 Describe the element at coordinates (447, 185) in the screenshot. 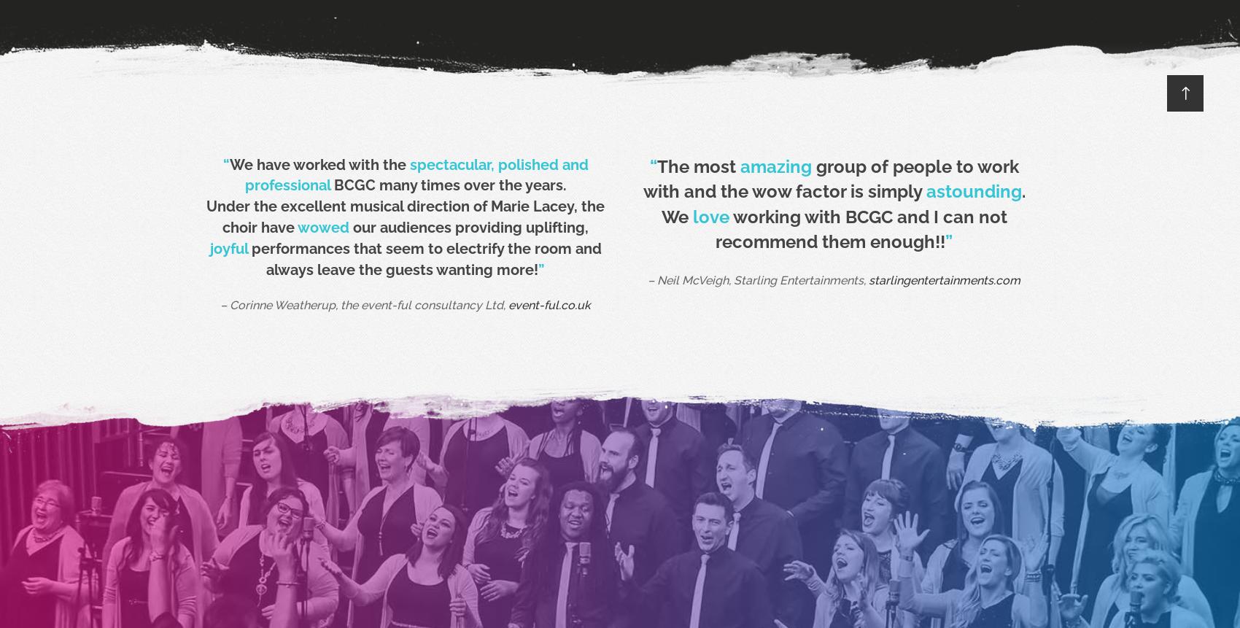

I see `'BCGC many times over the years.'` at that location.